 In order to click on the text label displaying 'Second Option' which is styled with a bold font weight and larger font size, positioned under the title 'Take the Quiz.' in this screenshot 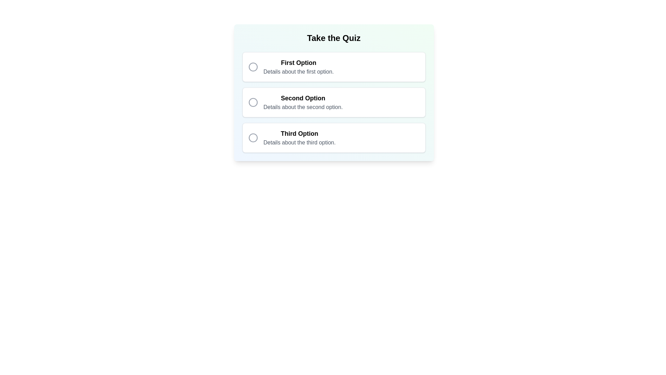, I will do `click(303, 98)`.